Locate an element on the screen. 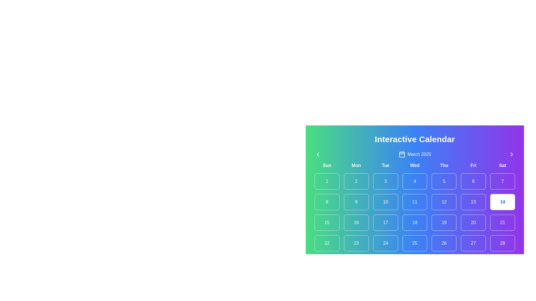 The height and width of the screenshot is (301, 536). the left-pointing chevron button located to the left of the 'March 2025' label is located at coordinates (318, 154).